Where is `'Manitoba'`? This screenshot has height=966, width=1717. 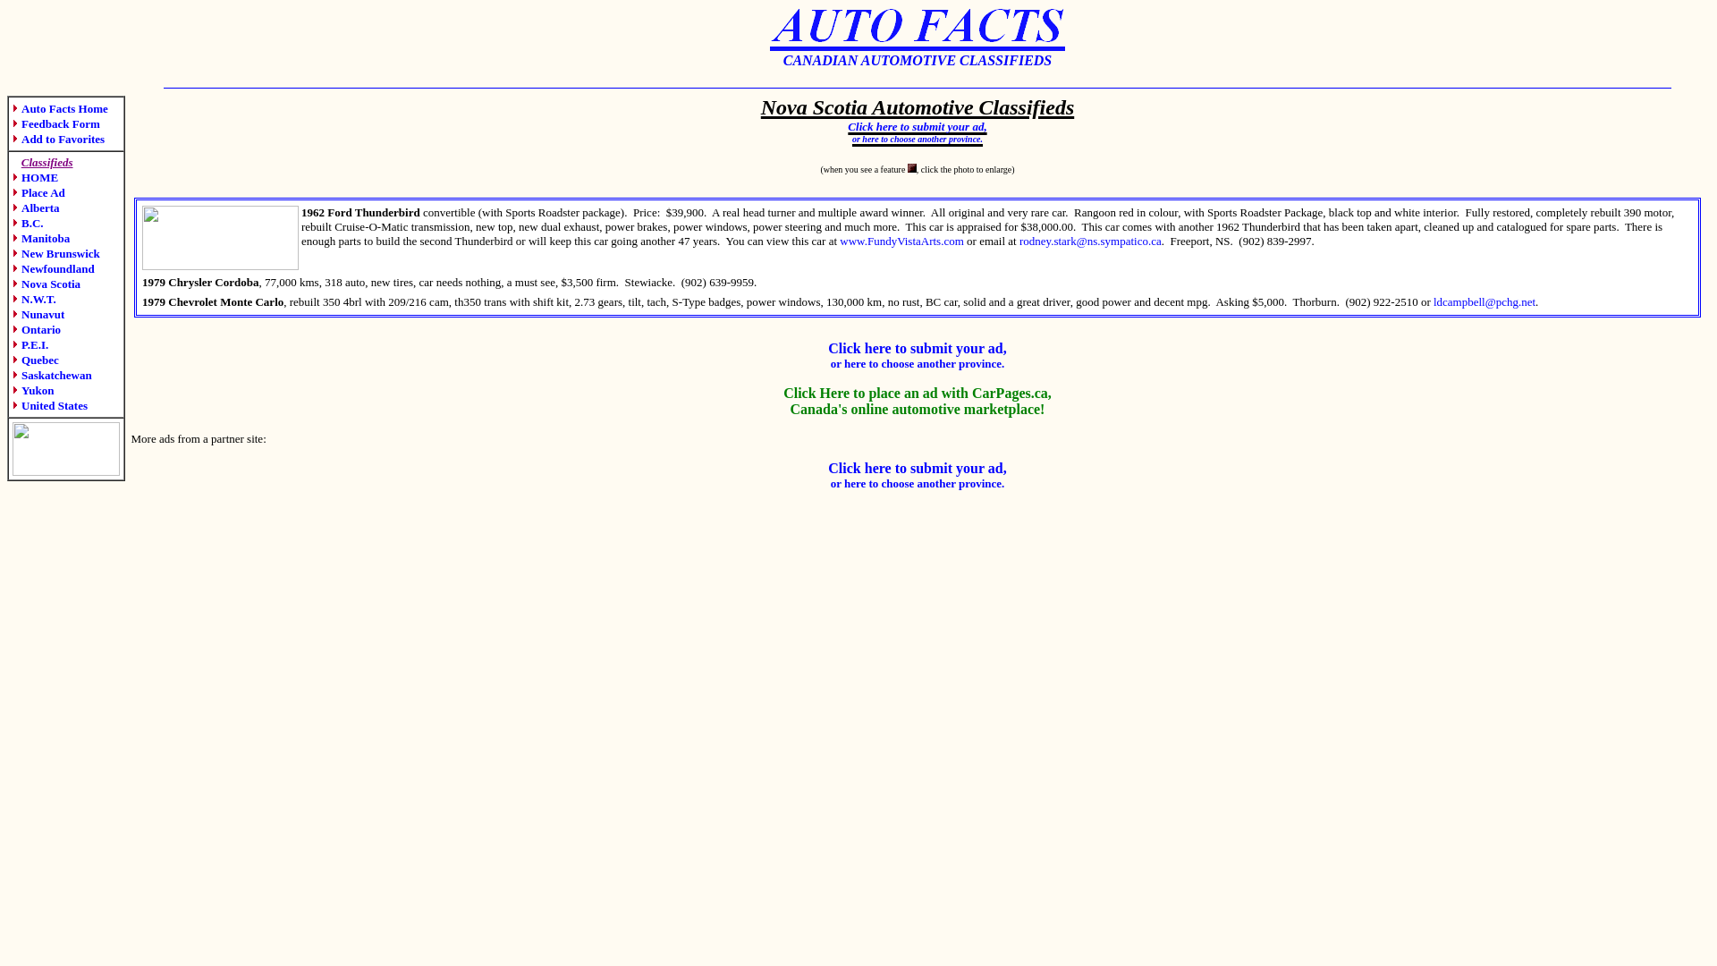
'Manitoba' is located at coordinates (41, 237).